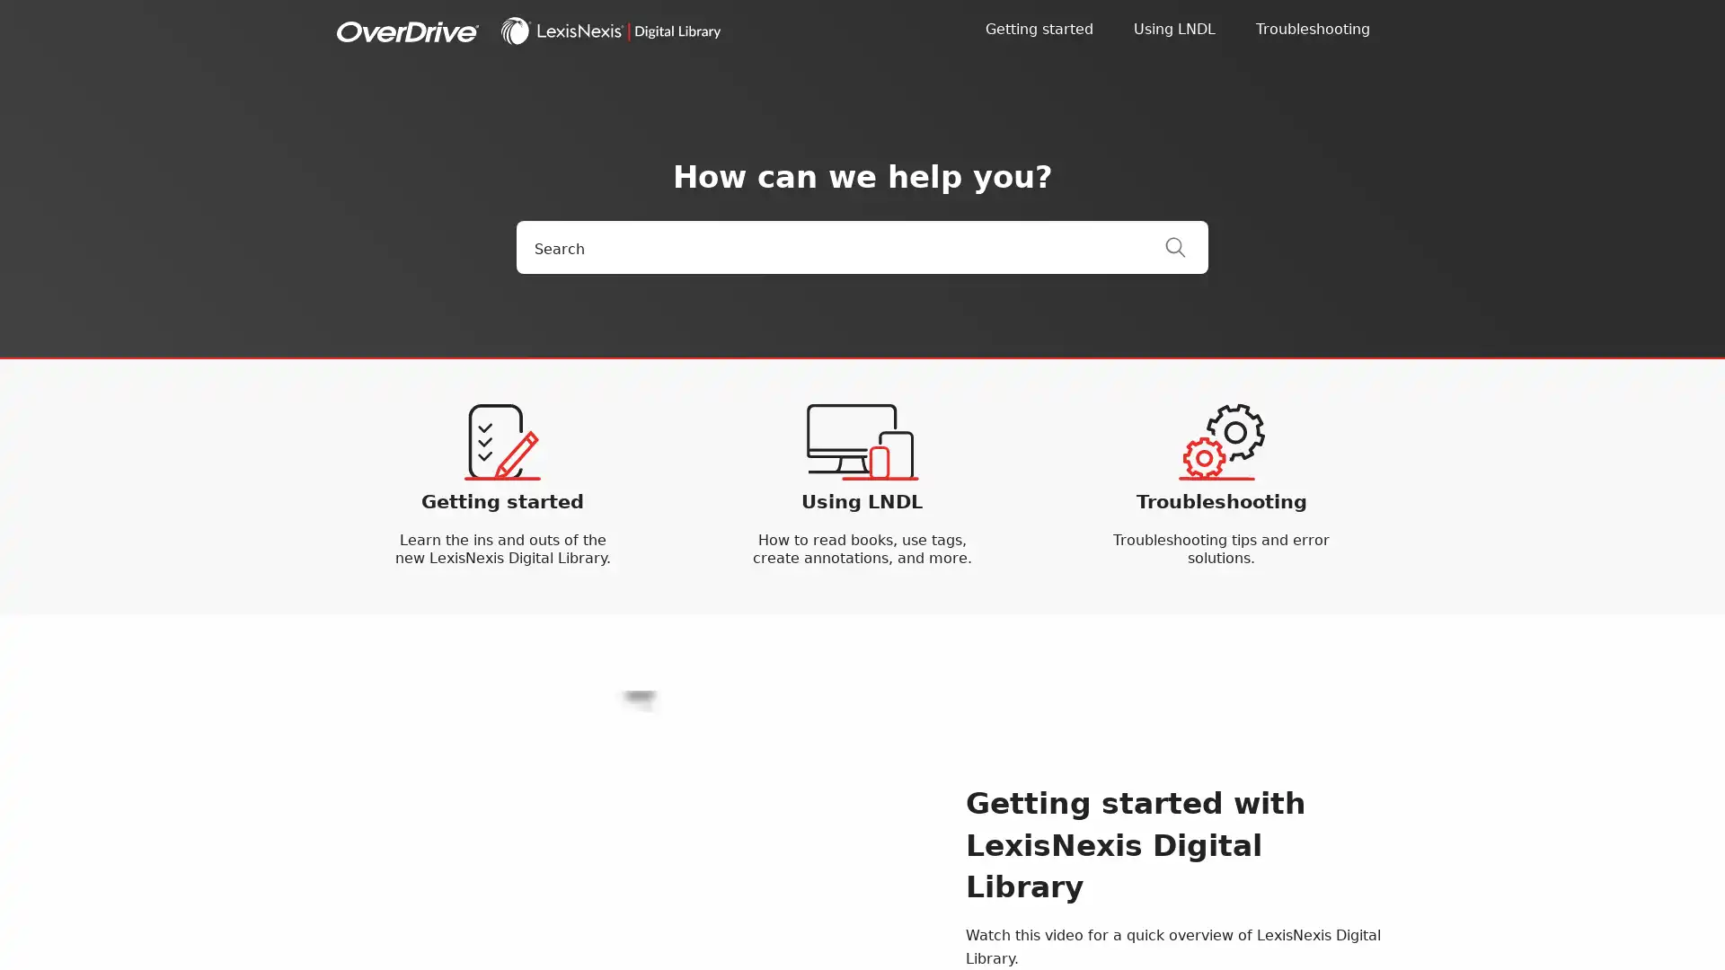 This screenshot has height=970, width=1725. I want to click on Play, so click(637, 849).